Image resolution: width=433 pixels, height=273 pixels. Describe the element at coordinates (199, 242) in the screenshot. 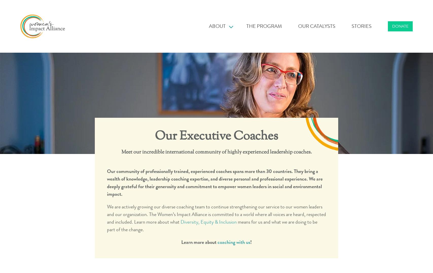

I see `'Learn more about'` at that location.